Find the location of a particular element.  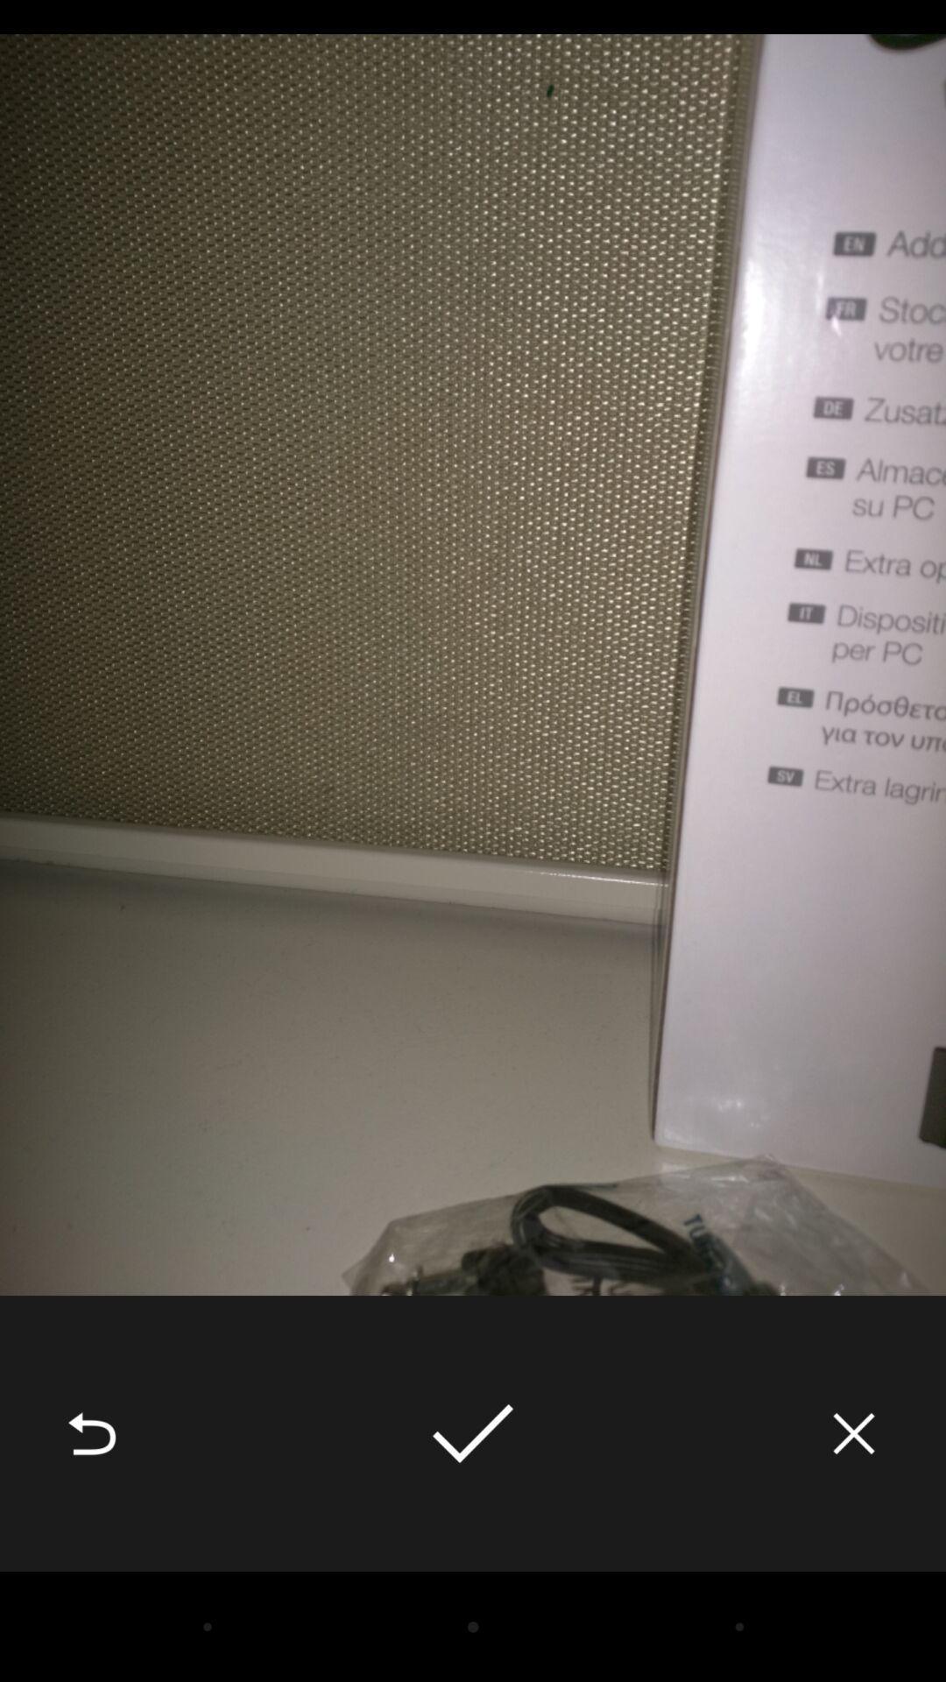

icon at the bottom right corner is located at coordinates (853, 1433).